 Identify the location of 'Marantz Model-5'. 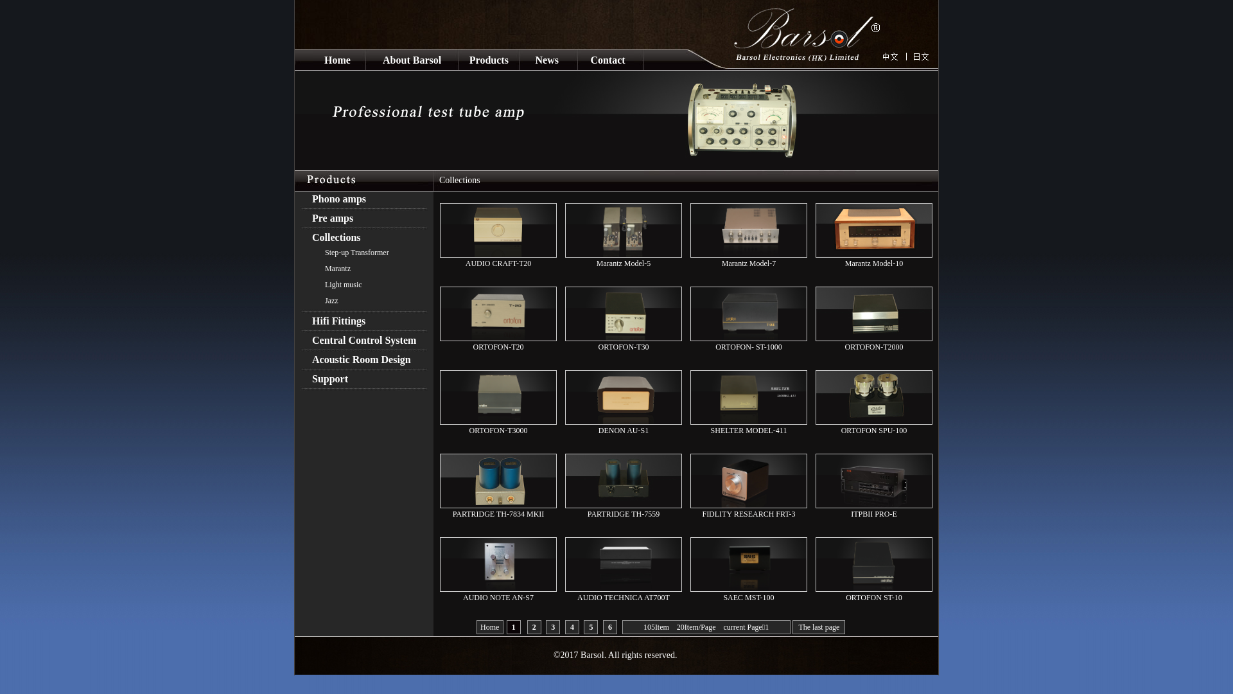
(623, 262).